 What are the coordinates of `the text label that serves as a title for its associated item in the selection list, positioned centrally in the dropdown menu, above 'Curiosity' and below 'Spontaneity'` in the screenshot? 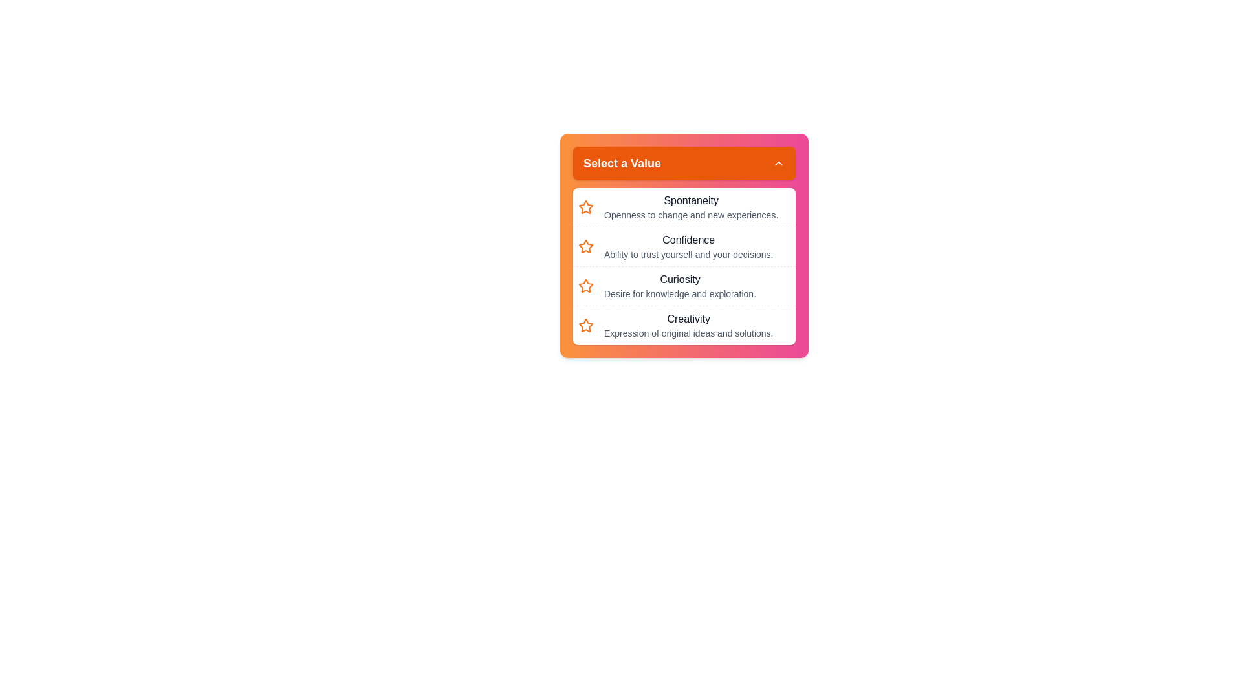 It's located at (688, 240).